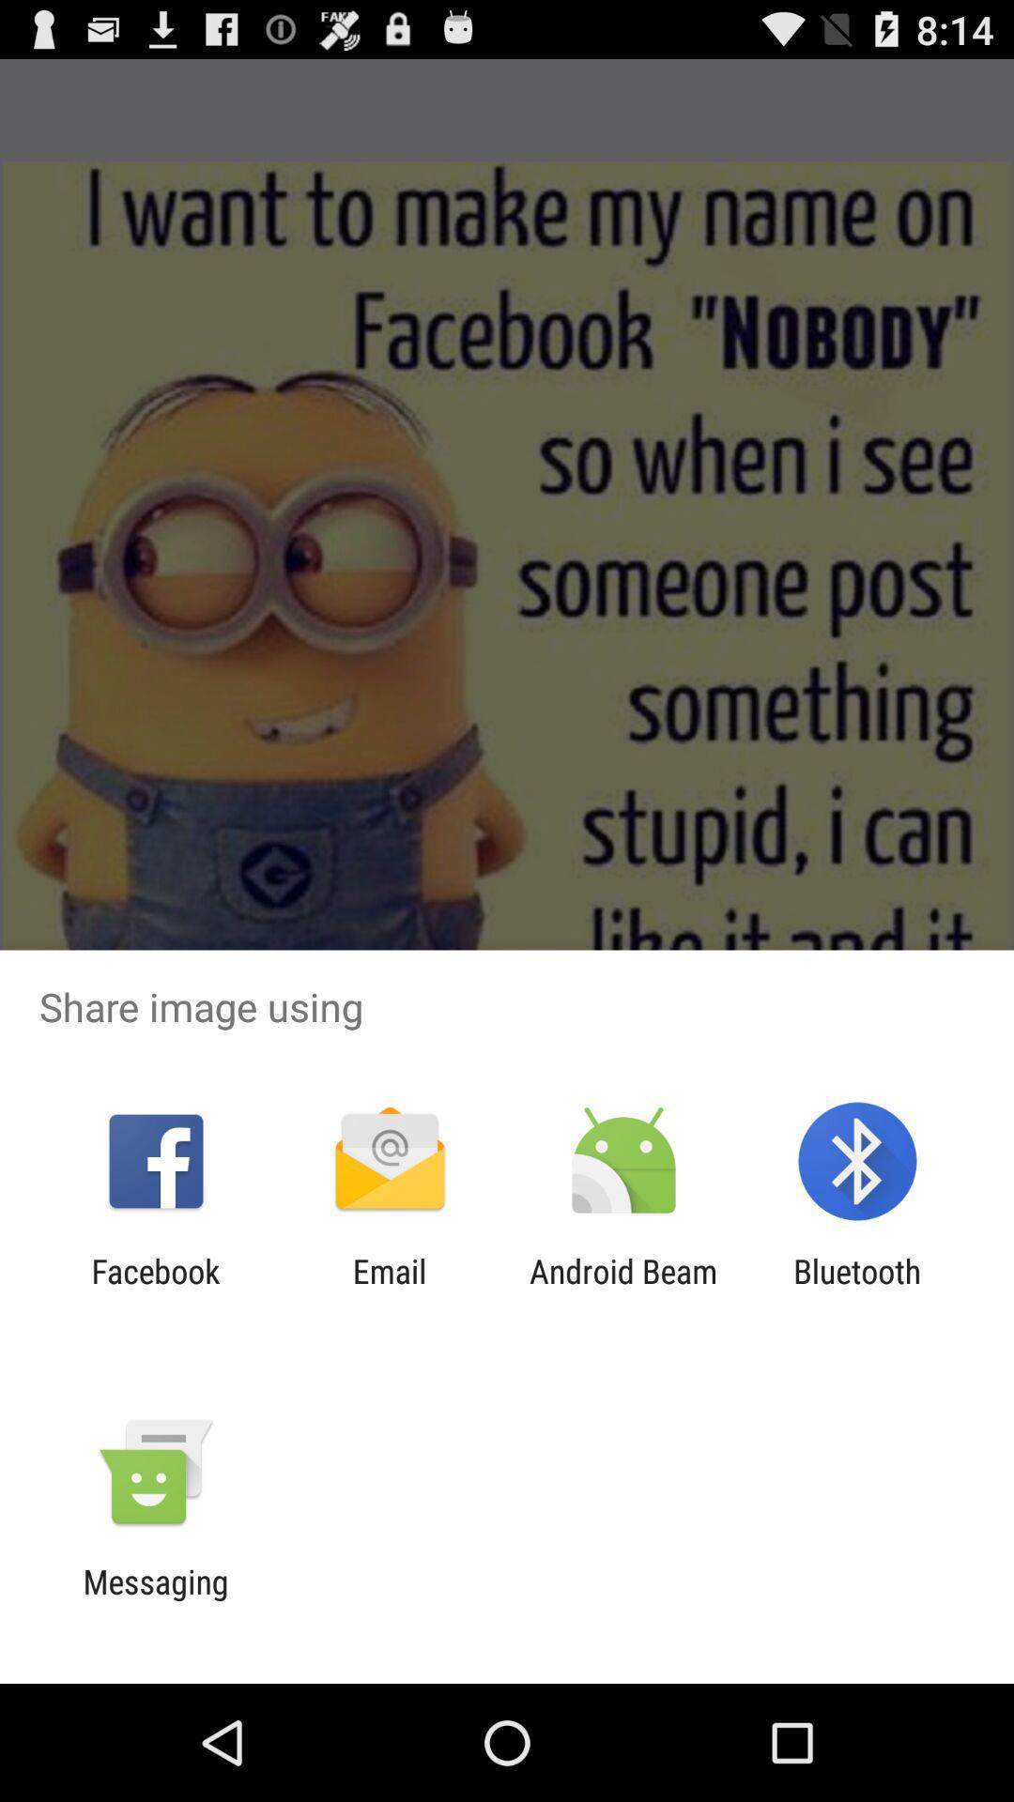 The image size is (1014, 1802). I want to click on the icon to the left of the android beam item, so click(389, 1290).